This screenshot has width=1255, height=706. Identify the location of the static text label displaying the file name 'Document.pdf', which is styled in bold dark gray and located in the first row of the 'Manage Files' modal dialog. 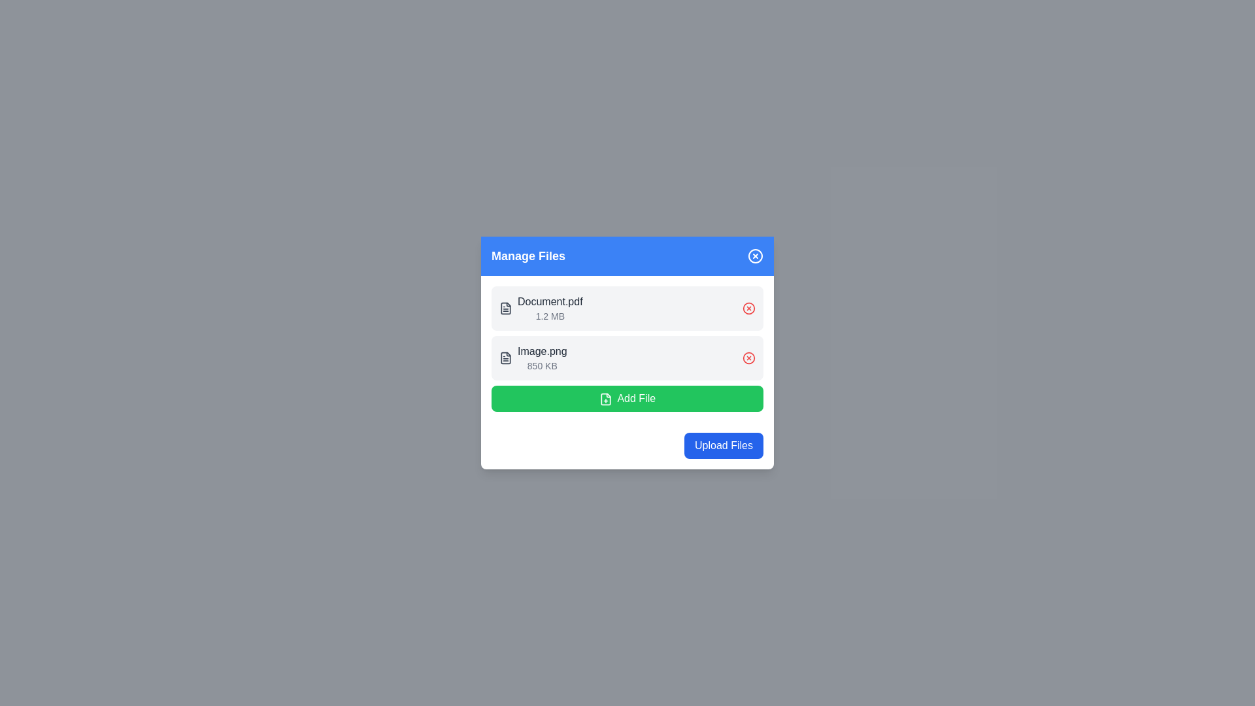
(550, 302).